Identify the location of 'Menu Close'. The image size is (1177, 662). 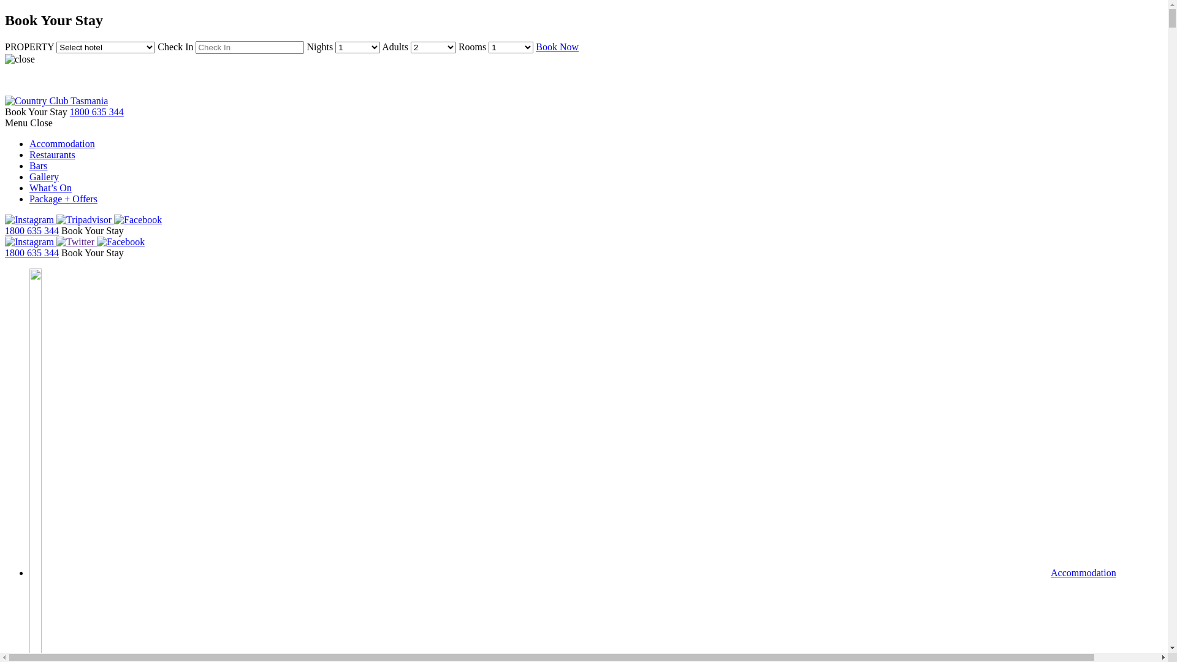
(5, 123).